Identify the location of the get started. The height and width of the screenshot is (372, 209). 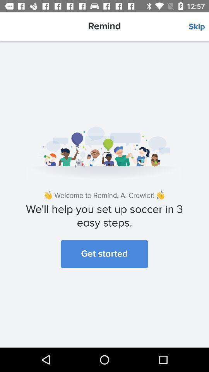
(104, 253).